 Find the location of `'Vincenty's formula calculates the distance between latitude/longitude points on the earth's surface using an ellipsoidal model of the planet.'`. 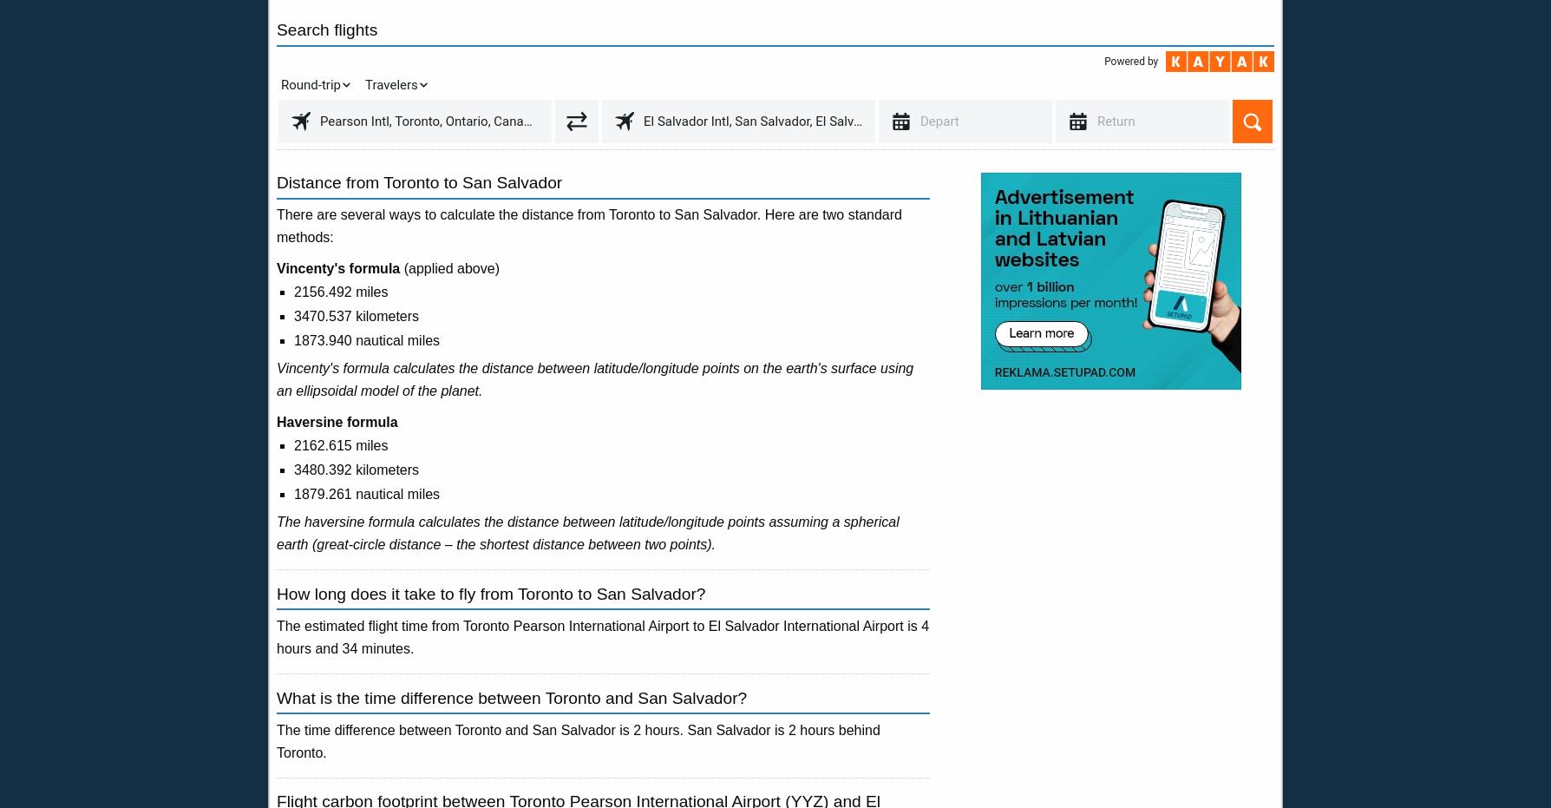

'Vincenty's formula calculates the distance between latitude/longitude points on the earth's surface using an ellipsoidal model of the planet.' is located at coordinates (594, 378).